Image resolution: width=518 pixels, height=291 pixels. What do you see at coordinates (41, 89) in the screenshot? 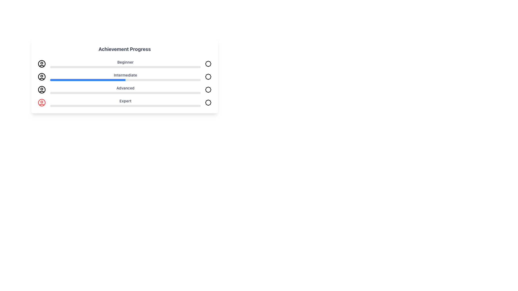
I see `the SVG circle that represents the third user icon in the vertical sequence of four user icons in the 'Advanced' category` at bounding box center [41, 89].